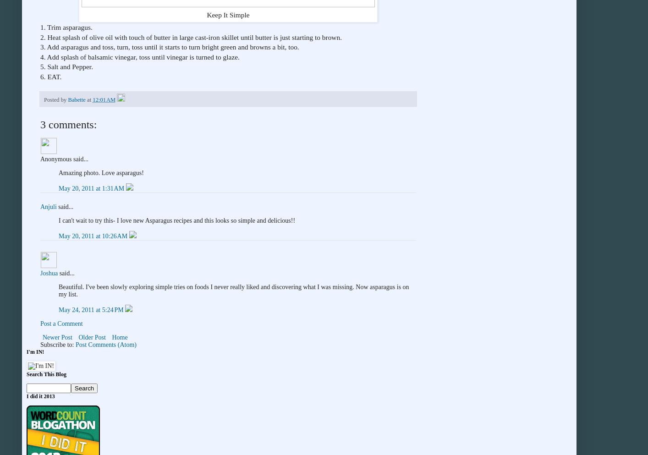 The width and height of the screenshot is (648, 455). Describe the element at coordinates (139, 56) in the screenshot. I see `'4. Add splash of balsamic vinegar, toss until vinegar is turned to glaze.'` at that location.